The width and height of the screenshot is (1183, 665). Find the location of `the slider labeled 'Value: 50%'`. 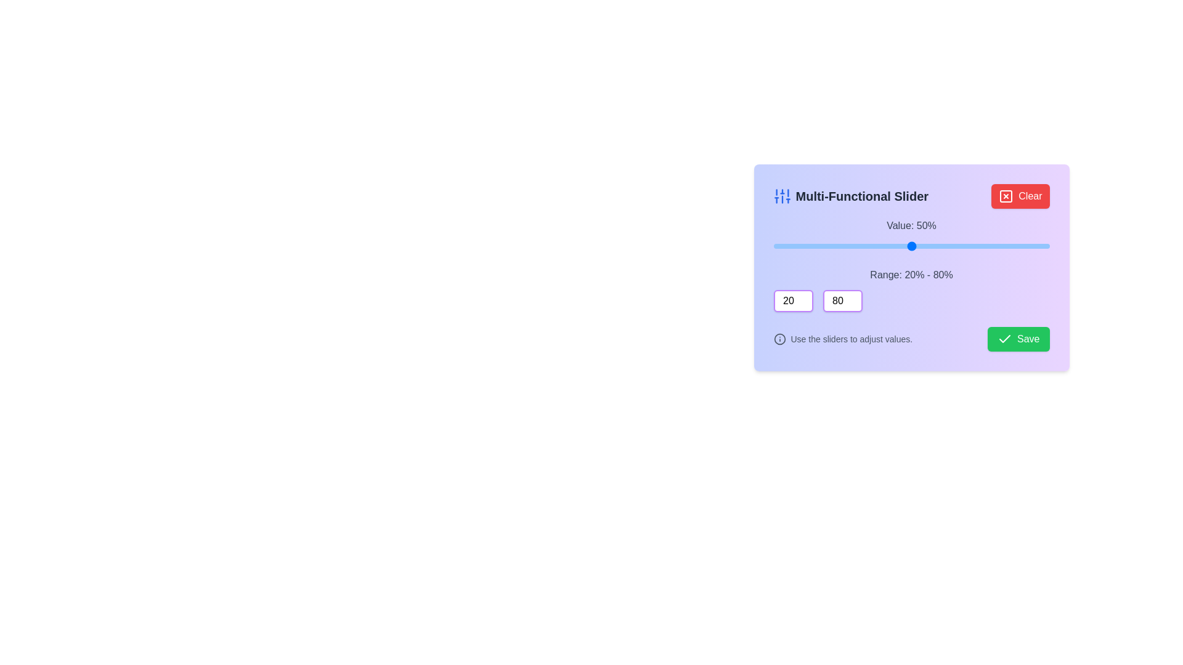

the slider labeled 'Value: 50%' is located at coordinates (911, 235).